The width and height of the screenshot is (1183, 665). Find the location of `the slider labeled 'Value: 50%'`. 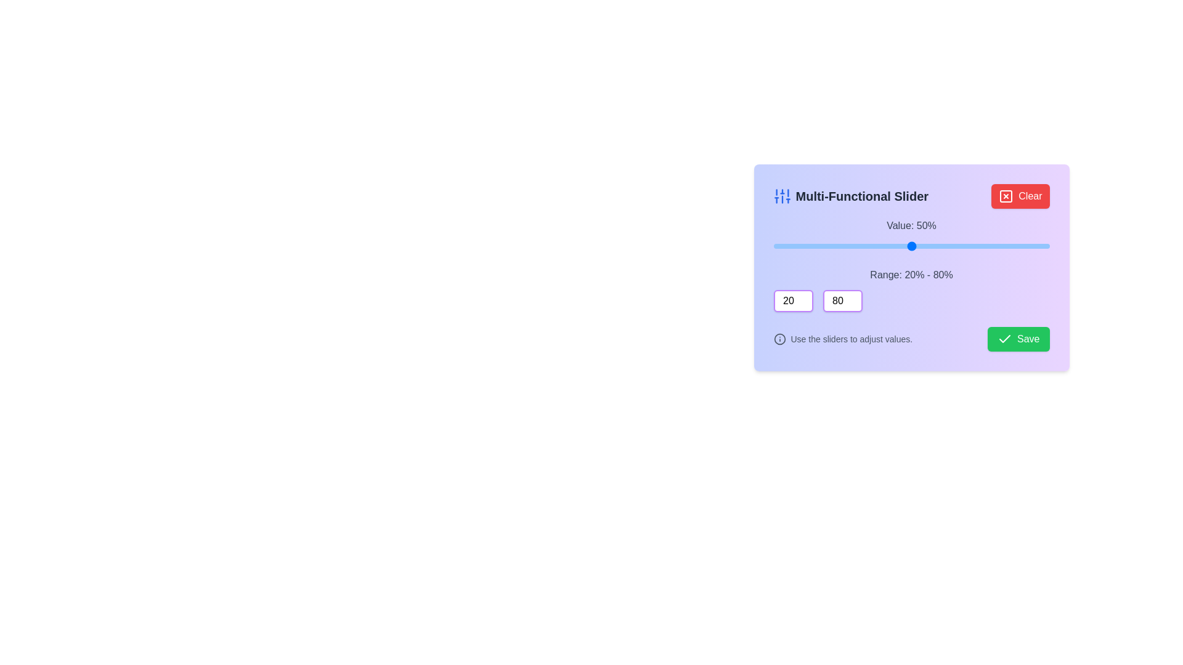

the slider labeled 'Value: 50%' is located at coordinates (911, 235).